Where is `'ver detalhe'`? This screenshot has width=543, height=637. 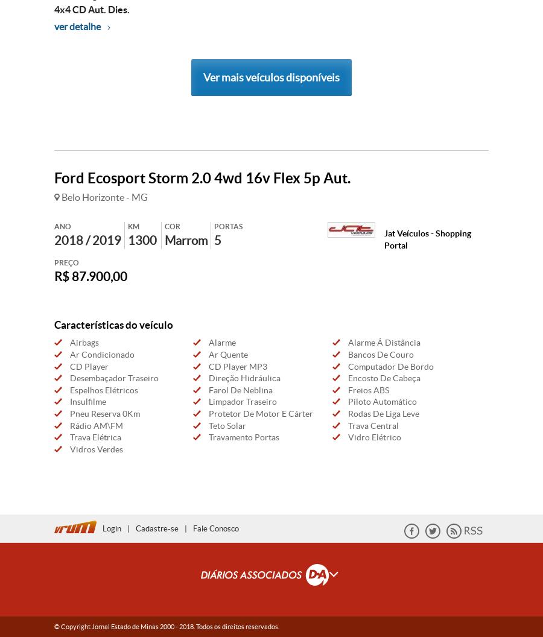
'ver detalhe' is located at coordinates (54, 25).